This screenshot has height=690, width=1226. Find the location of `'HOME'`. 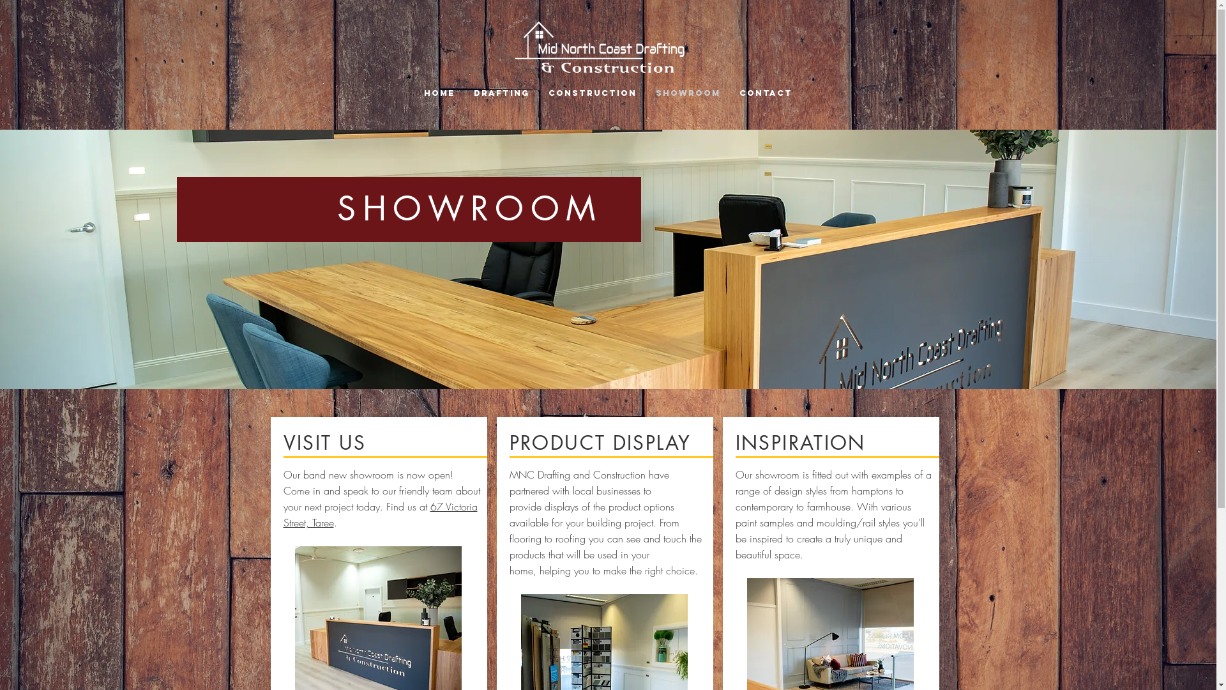

'HOME' is located at coordinates (439, 91).